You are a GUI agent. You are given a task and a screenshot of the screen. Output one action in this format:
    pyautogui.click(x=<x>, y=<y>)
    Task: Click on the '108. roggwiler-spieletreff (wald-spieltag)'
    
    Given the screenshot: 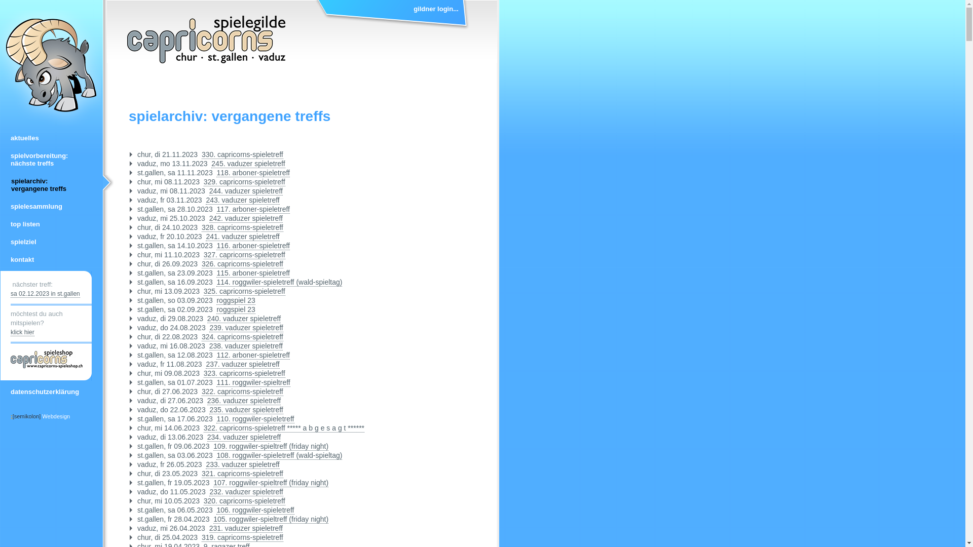 What is the action you would take?
    pyautogui.click(x=279, y=455)
    